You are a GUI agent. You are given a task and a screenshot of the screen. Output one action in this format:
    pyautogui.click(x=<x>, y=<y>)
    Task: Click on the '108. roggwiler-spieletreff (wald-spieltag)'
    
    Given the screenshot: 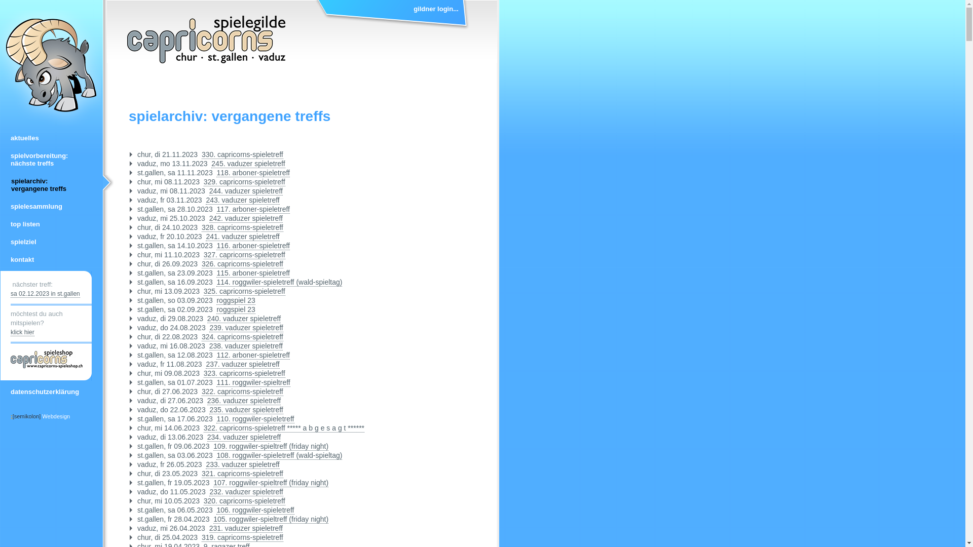 What is the action you would take?
    pyautogui.click(x=279, y=455)
    